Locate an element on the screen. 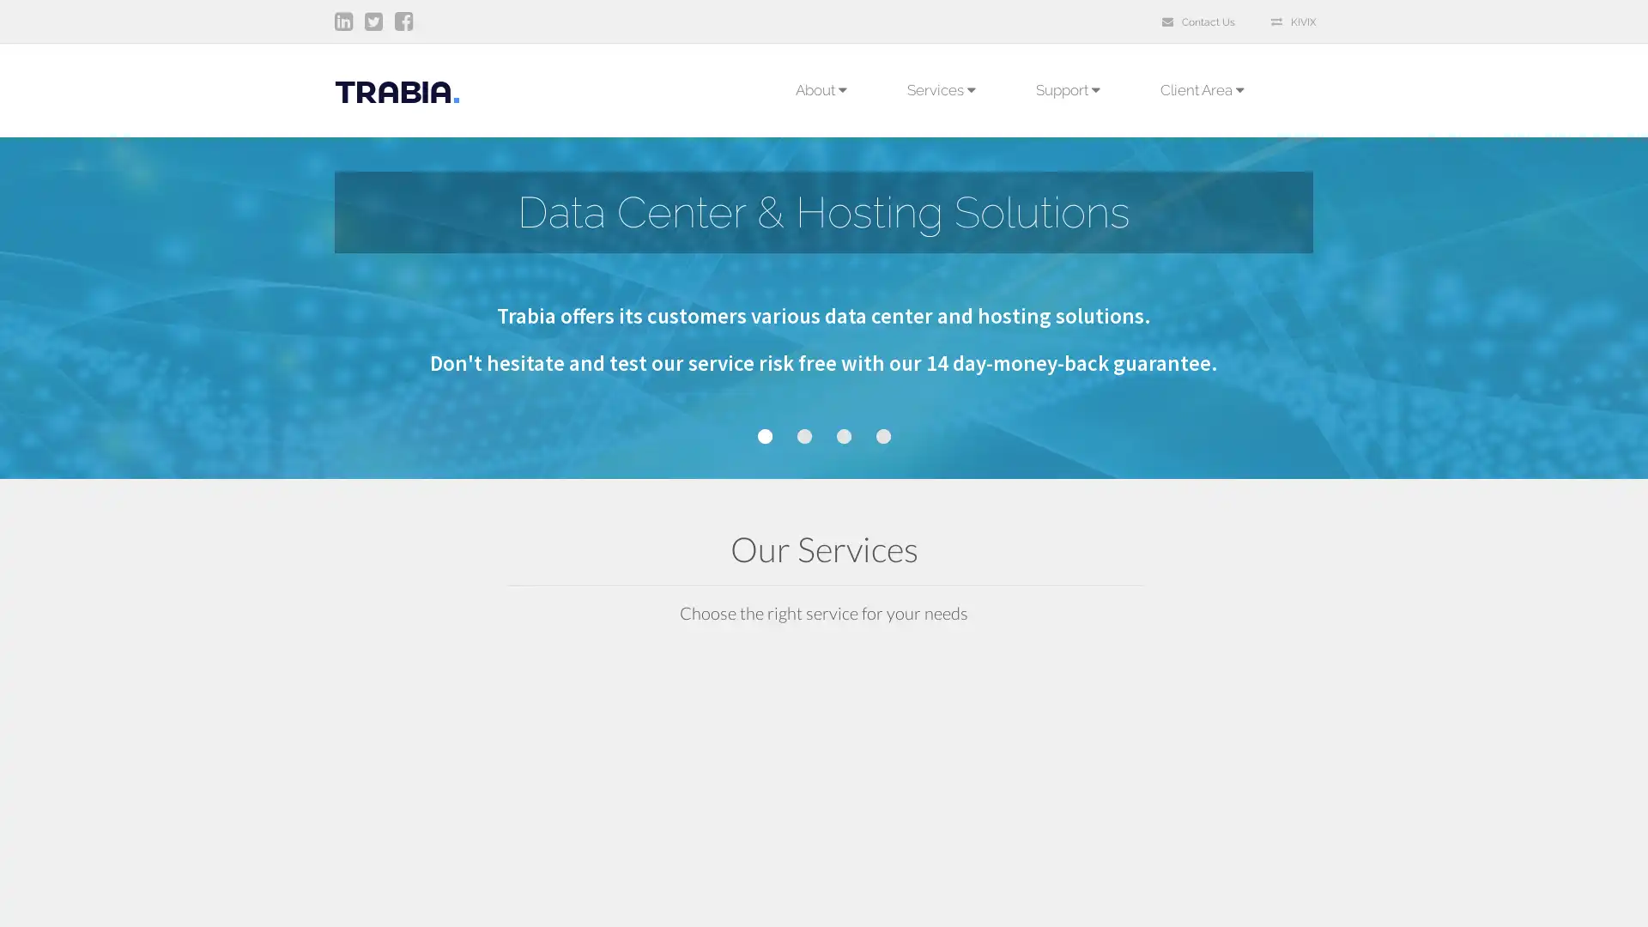 Image resolution: width=1648 pixels, height=927 pixels. See All is located at coordinates (1199, 897).